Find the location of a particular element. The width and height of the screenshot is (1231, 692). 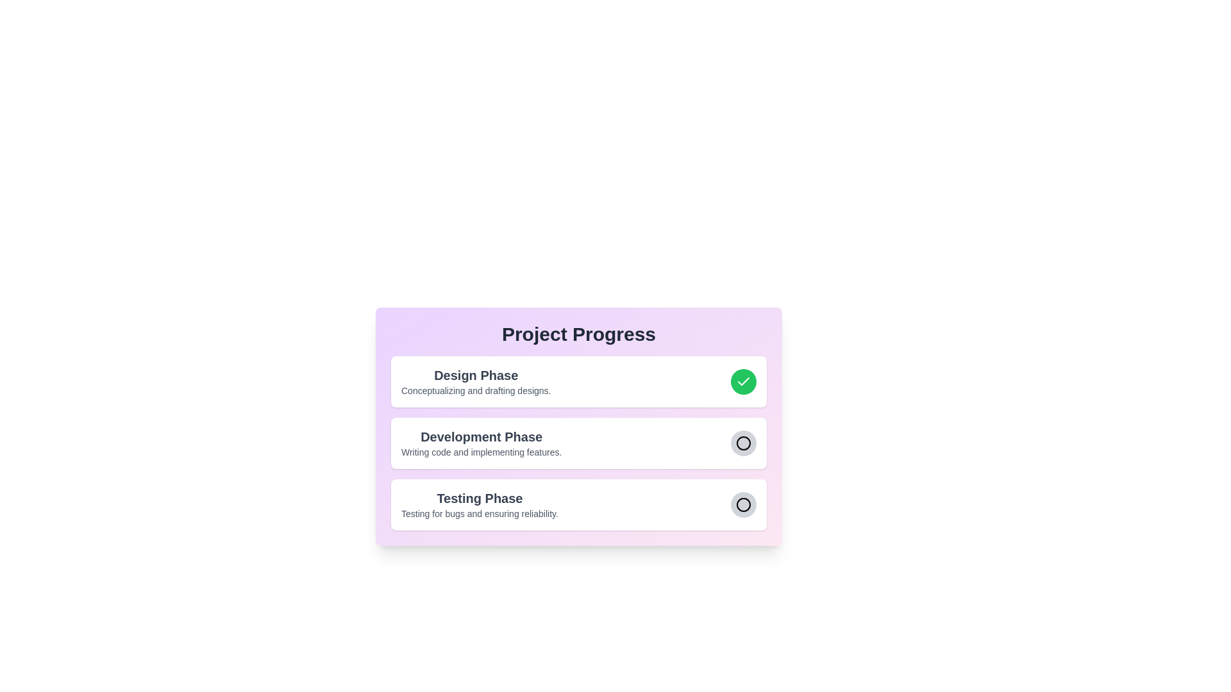

the inner circle of the SVG graphic representing the 'Testing Phase' section is located at coordinates (744, 504).